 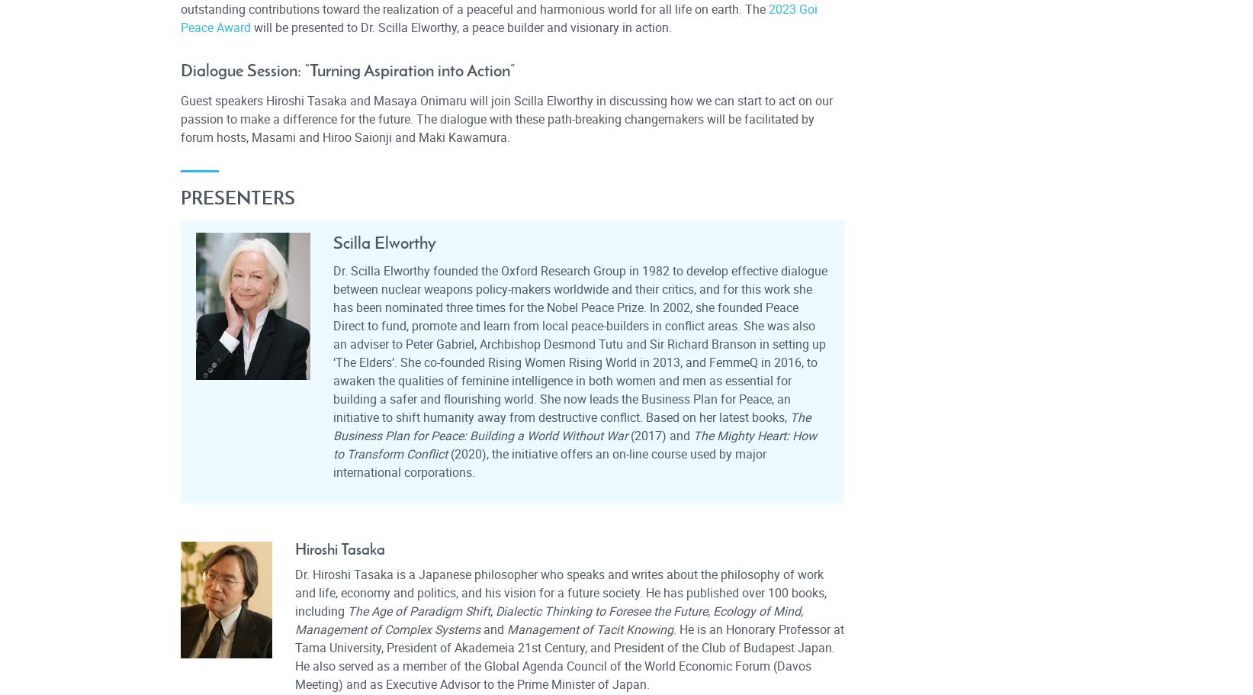 What do you see at coordinates (497, 18) in the screenshot?
I see `'2023 Goi Peace Award'` at bounding box center [497, 18].